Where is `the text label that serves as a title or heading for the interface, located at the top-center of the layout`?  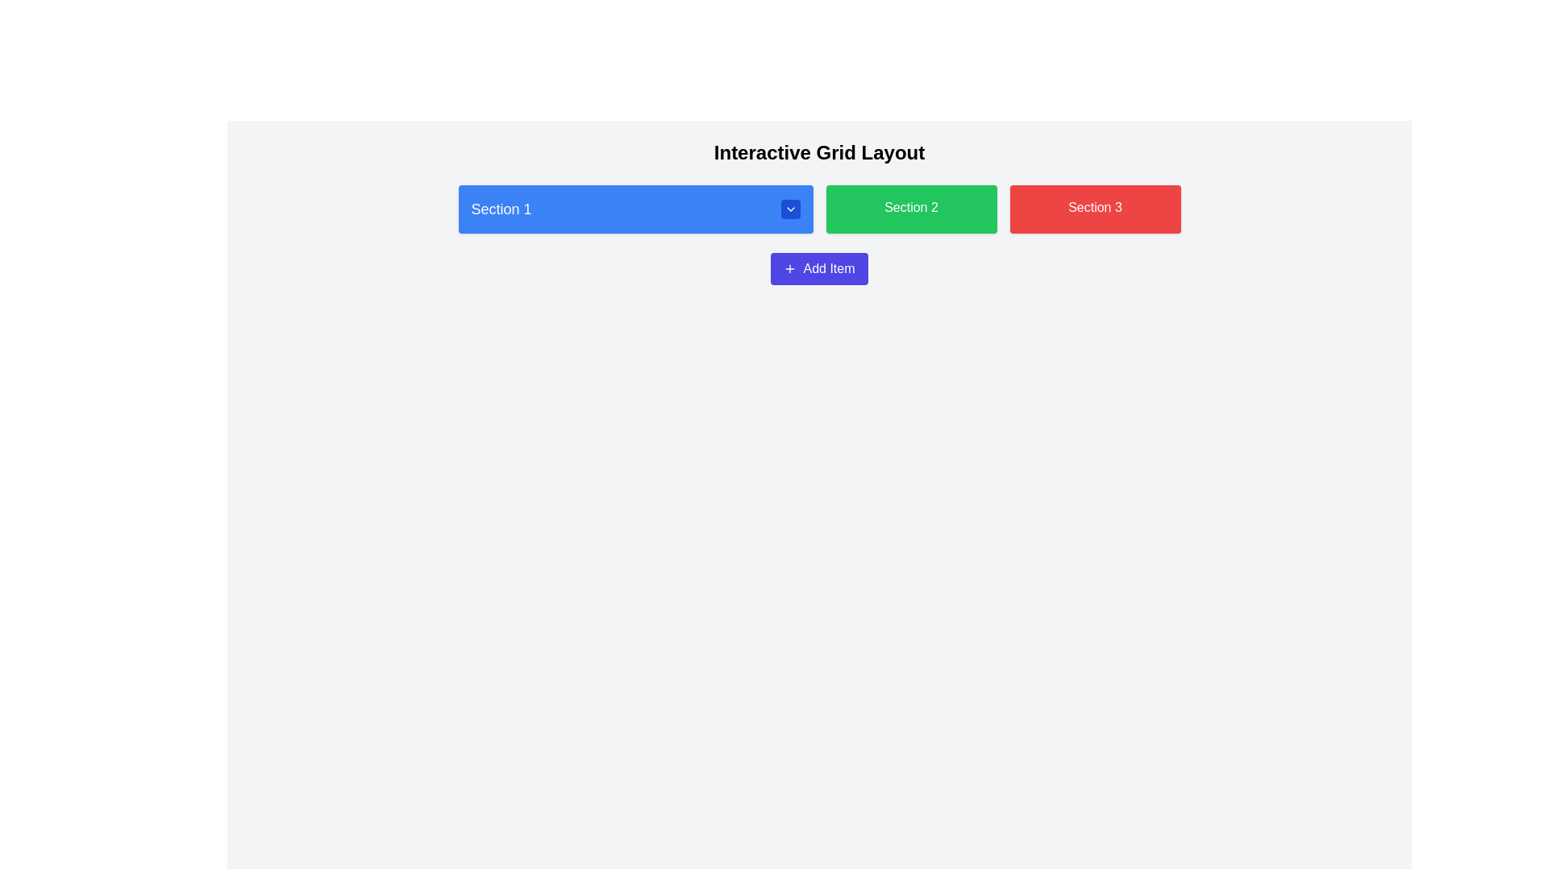 the text label that serves as a title or heading for the interface, located at the top-center of the layout is located at coordinates (819, 152).